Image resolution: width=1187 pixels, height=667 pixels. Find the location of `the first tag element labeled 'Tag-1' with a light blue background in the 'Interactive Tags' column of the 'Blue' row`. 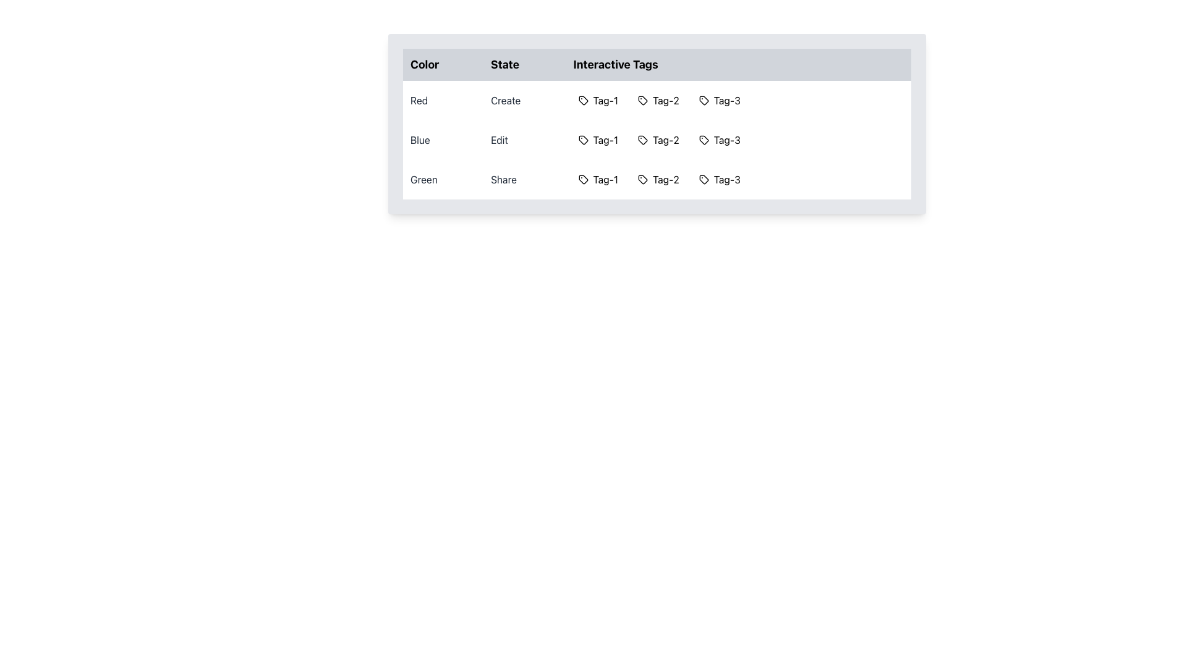

the first tag element labeled 'Tag-1' with a light blue background in the 'Interactive Tags' column of the 'Blue' row is located at coordinates (598, 140).